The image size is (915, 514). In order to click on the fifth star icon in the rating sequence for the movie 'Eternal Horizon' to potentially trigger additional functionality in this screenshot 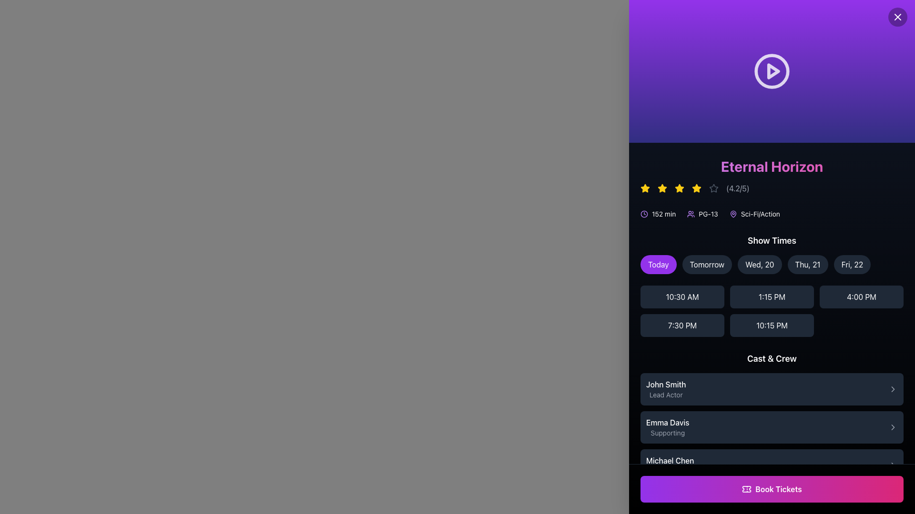, I will do `click(697, 188)`.